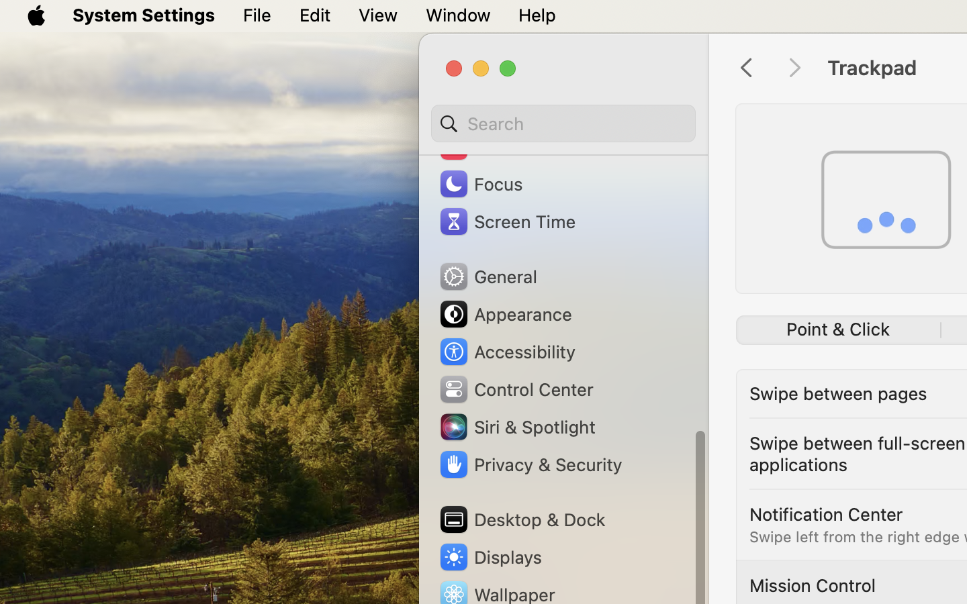  Describe the element at coordinates (515, 427) in the screenshot. I see `'Siri & Spotlight'` at that location.